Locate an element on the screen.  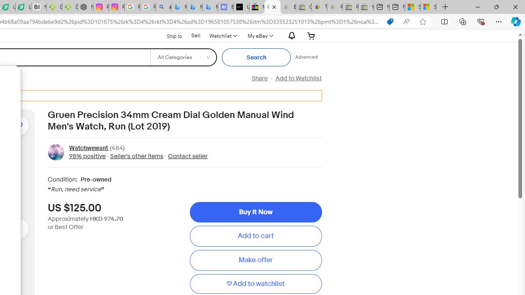
'Watchlist' is located at coordinates (223, 35).